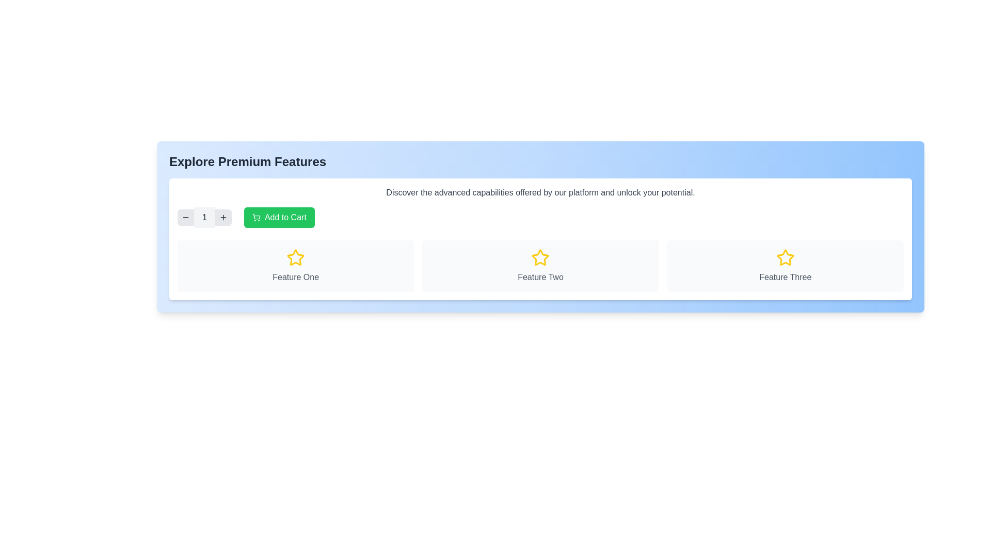  What do you see at coordinates (256, 217) in the screenshot?
I see `the cart icon embedded in the 'Add to Cart' button, which is visually aligned to the left within the green rectangular control area` at bounding box center [256, 217].